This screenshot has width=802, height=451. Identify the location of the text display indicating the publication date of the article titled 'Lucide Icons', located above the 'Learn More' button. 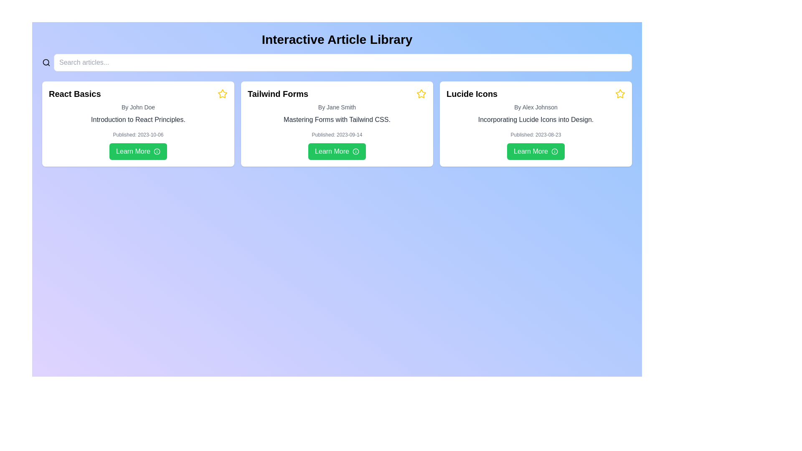
(536, 134).